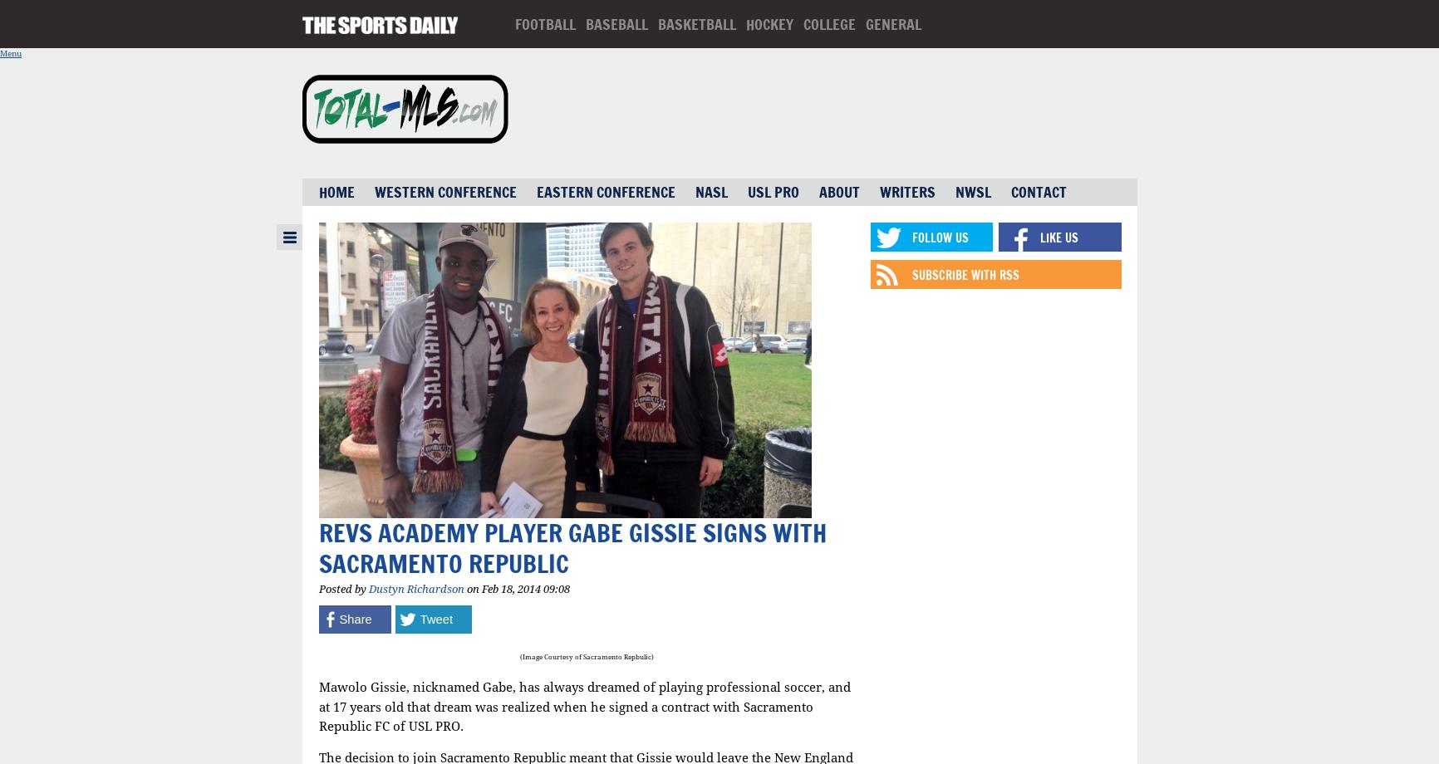 Image resolution: width=1439 pixels, height=764 pixels. Describe the element at coordinates (838, 192) in the screenshot. I see `'About'` at that location.